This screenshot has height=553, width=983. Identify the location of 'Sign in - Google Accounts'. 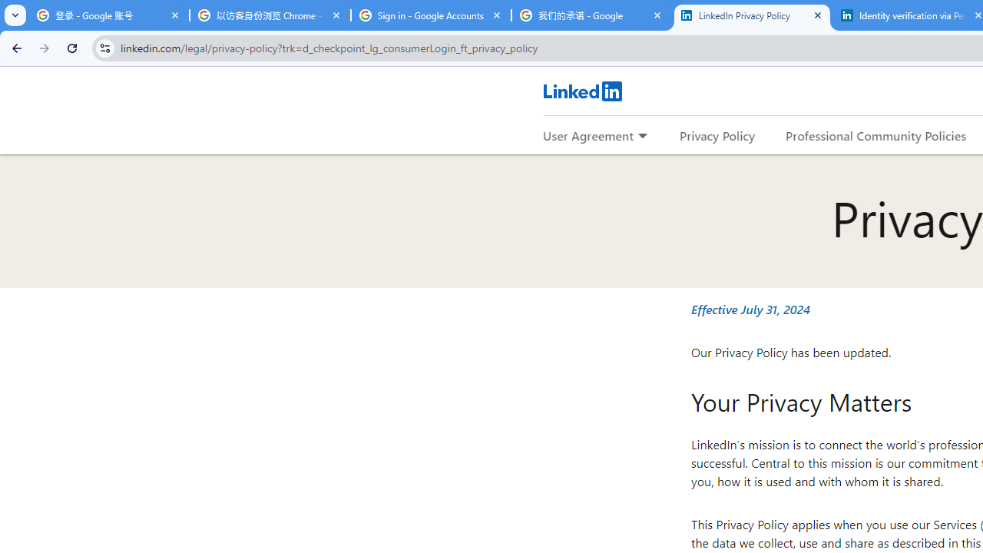
(430, 15).